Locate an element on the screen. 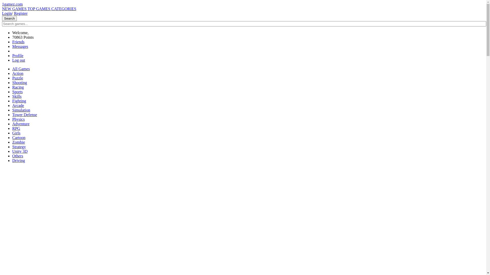 Image resolution: width=490 pixels, height=275 pixels. 'Physics' is located at coordinates (18, 119).